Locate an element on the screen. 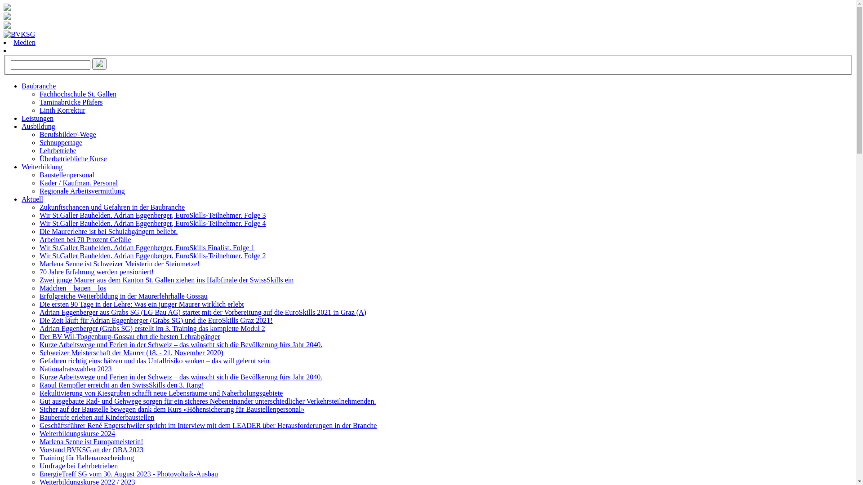 The image size is (863, 485). 'Fachhochschule St. Gallen' is located at coordinates (78, 94).